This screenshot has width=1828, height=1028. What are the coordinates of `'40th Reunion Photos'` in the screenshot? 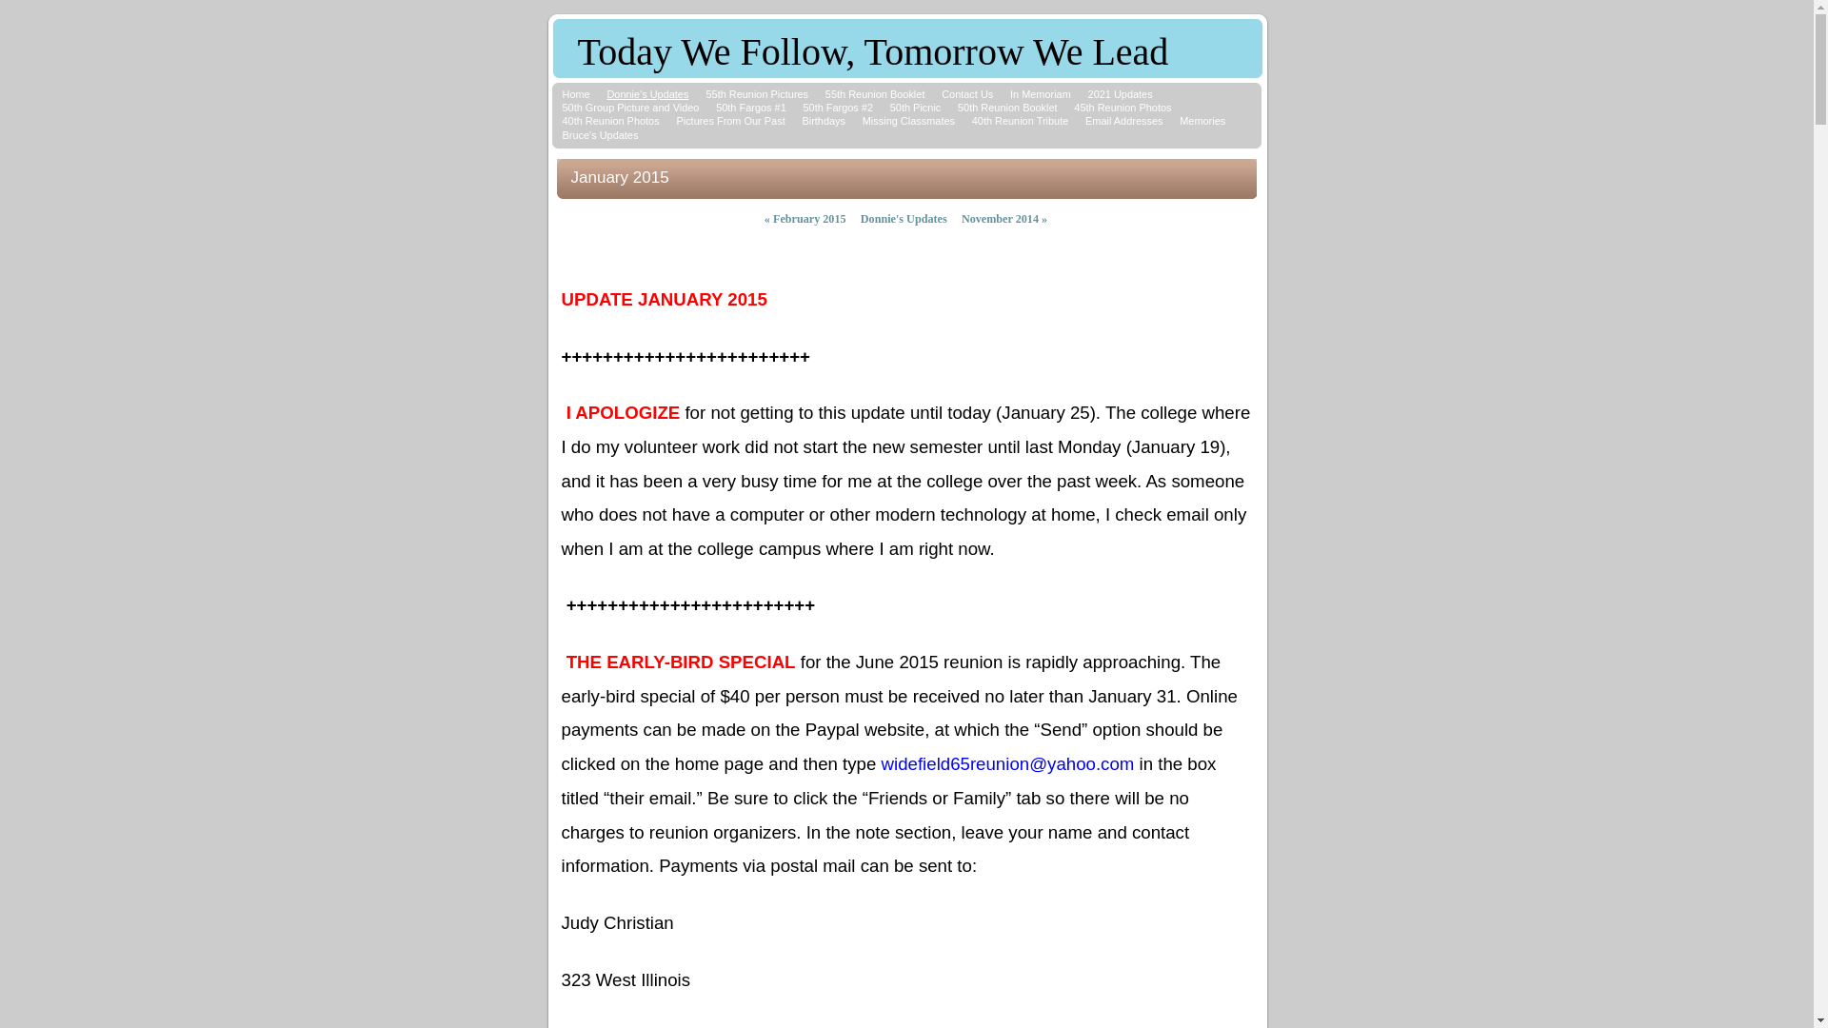 It's located at (610, 121).